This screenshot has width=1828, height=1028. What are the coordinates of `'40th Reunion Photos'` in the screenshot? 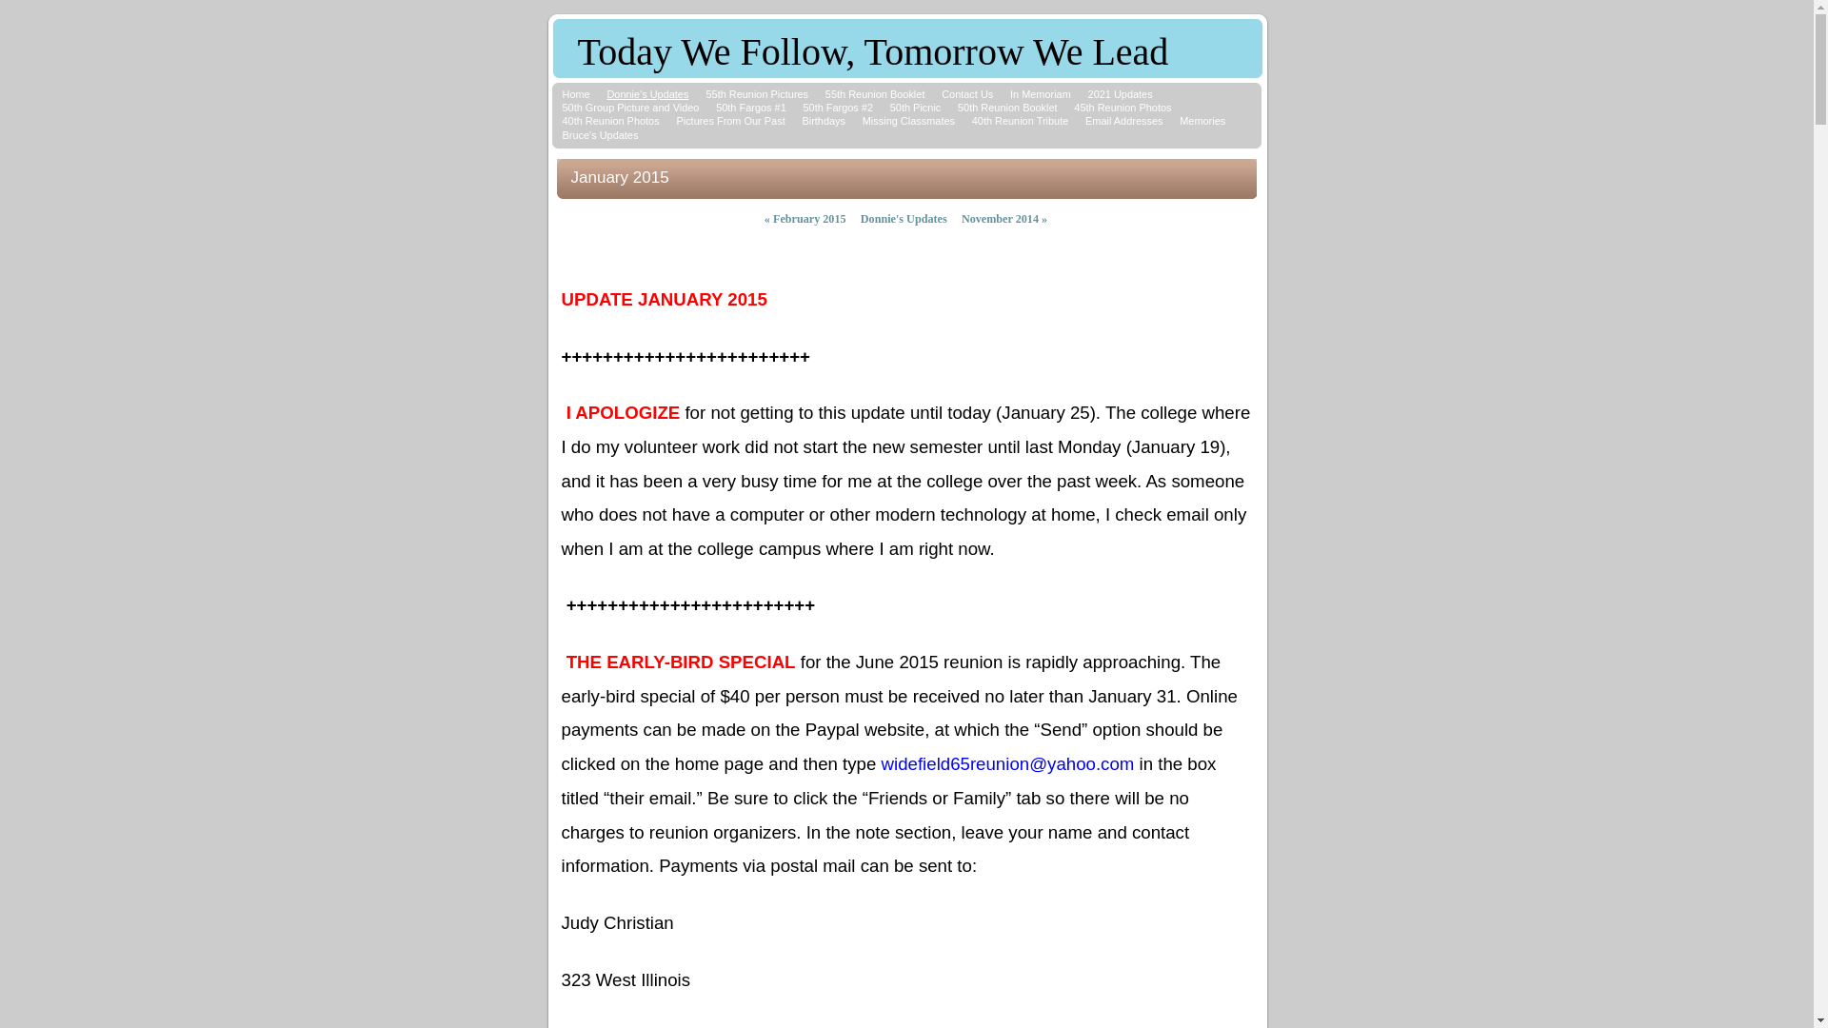 It's located at (610, 121).